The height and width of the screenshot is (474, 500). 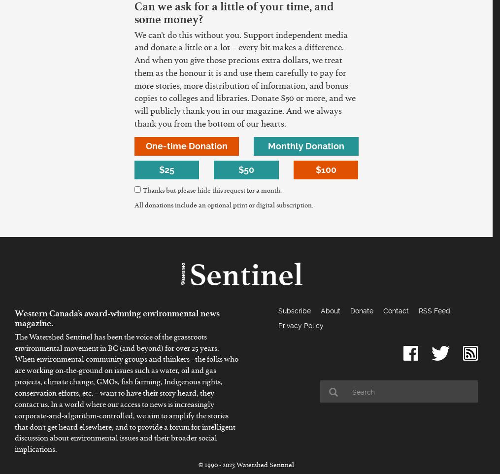 What do you see at coordinates (211, 191) in the screenshot?
I see `'Thanks but please hide this request for a month.'` at bounding box center [211, 191].